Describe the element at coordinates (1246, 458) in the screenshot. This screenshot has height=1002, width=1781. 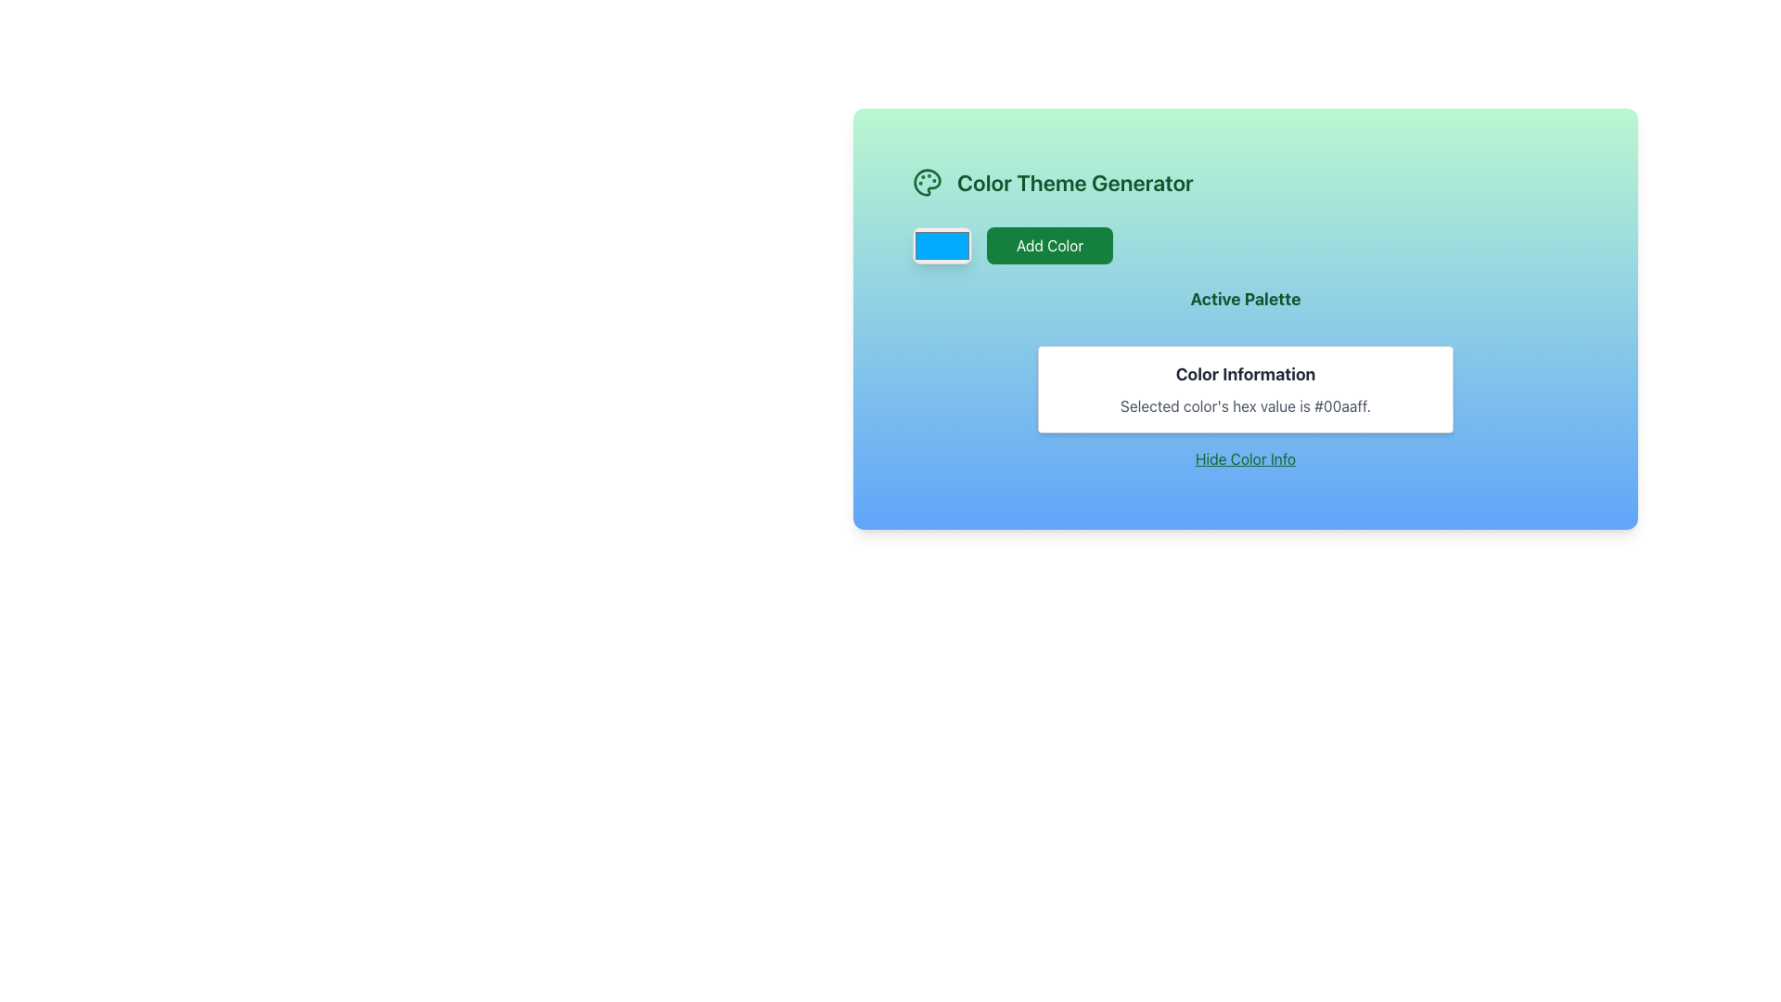
I see `the text link located towards the lower central area of the user interface` at that location.